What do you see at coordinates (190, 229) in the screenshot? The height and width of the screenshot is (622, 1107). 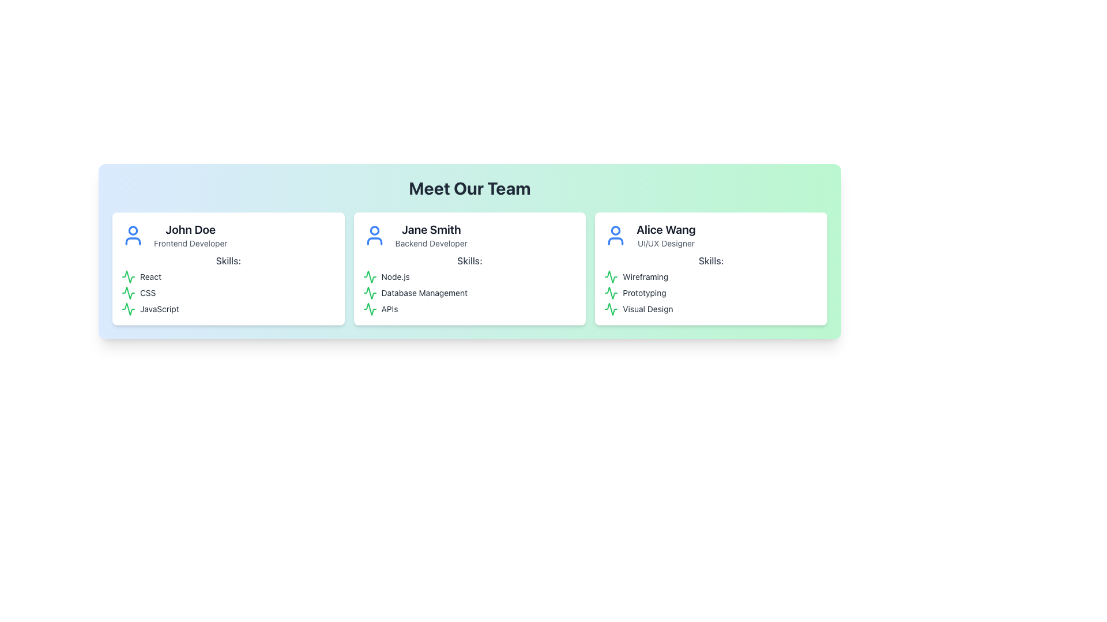 I see `static text displaying the name of the individual associated with the profile card, located in the top-left corner of the profile card in the team overview section, above the text 'Frontend Developer'` at bounding box center [190, 229].